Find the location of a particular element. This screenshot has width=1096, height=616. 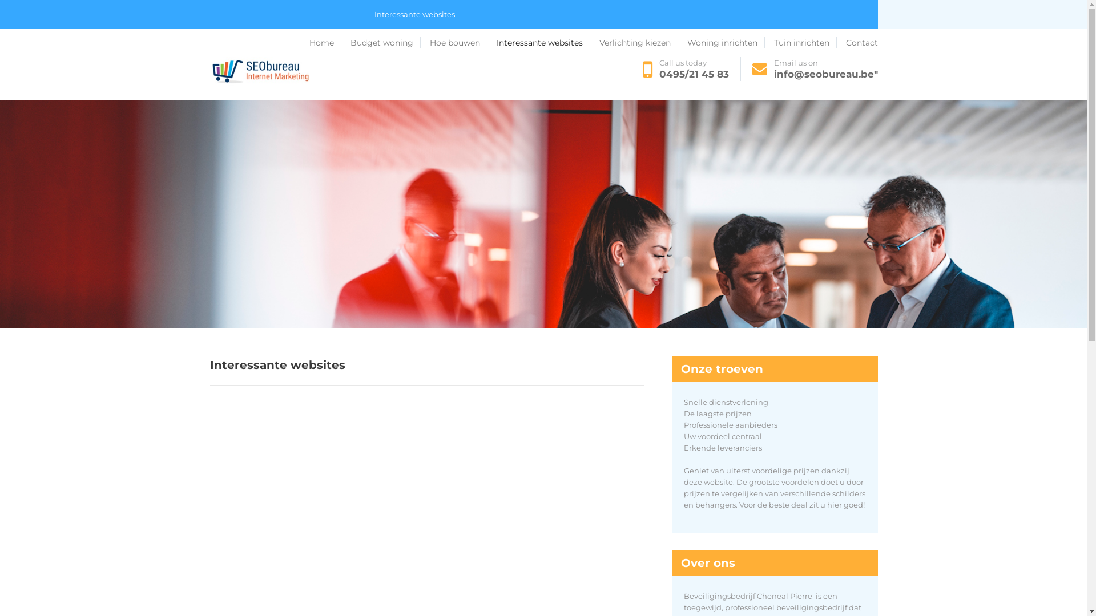

'Hoe bouwen' is located at coordinates (341, 42).